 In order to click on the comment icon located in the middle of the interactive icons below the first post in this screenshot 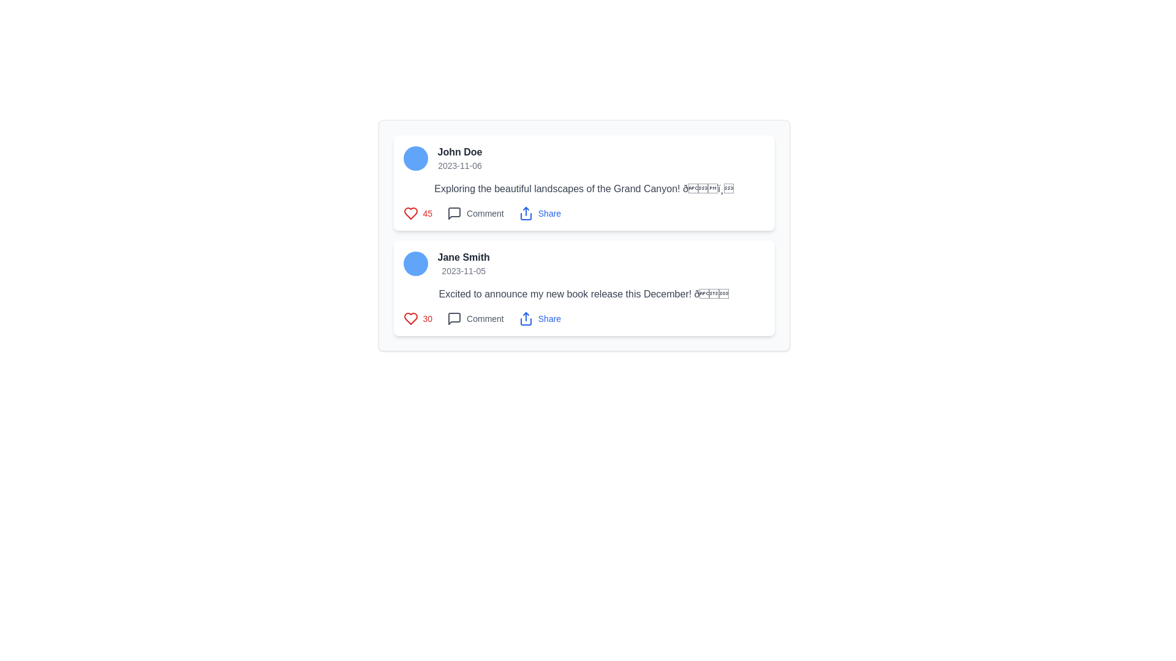, I will do `click(454, 212)`.